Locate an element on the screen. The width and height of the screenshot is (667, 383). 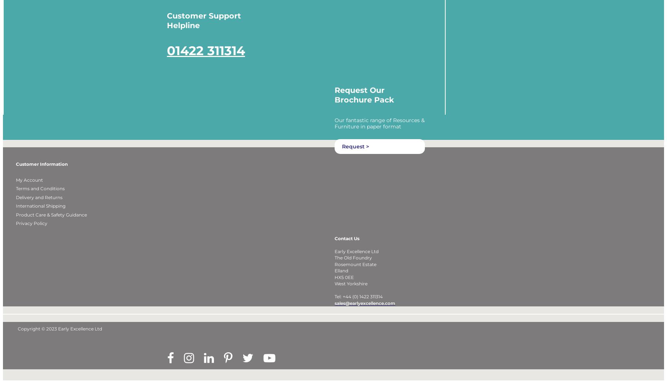
'Tel: +44 (0) 1422 311314' is located at coordinates (334, 306).